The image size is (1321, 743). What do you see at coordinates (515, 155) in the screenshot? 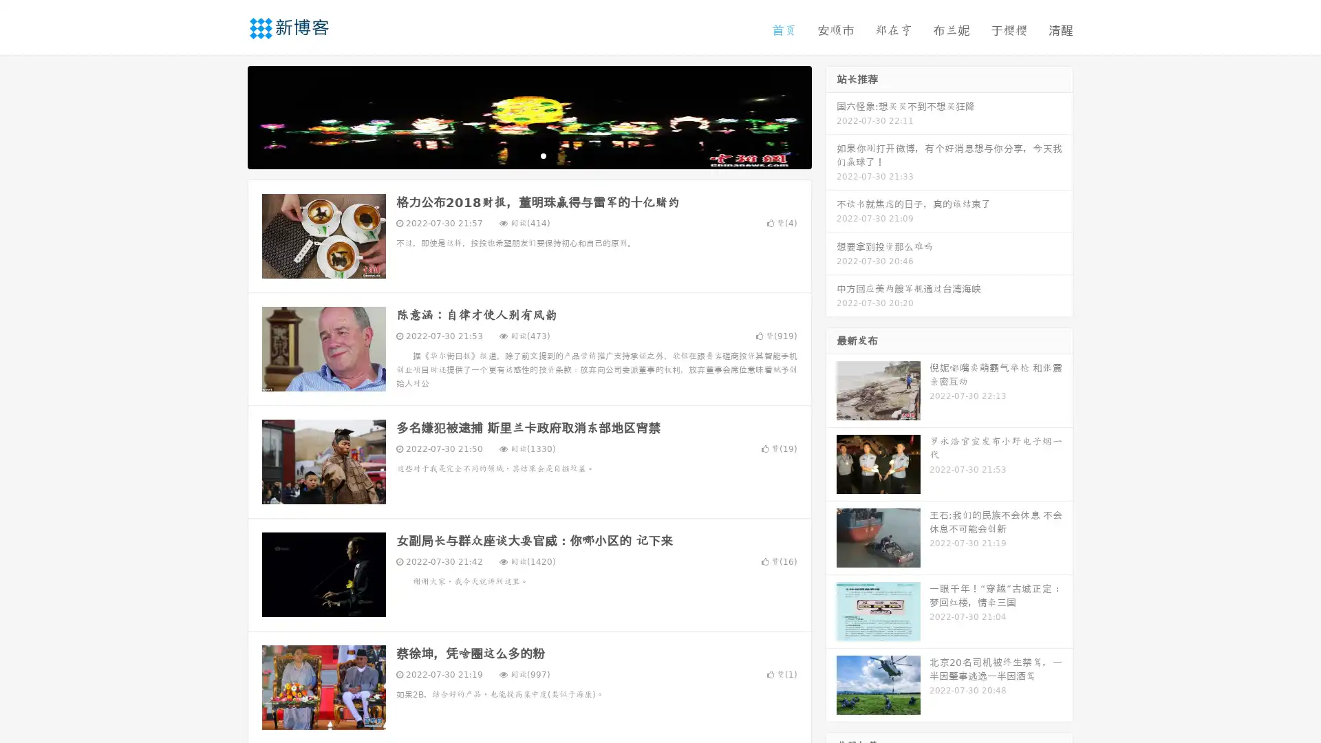
I see `Go to slide 1` at bounding box center [515, 155].